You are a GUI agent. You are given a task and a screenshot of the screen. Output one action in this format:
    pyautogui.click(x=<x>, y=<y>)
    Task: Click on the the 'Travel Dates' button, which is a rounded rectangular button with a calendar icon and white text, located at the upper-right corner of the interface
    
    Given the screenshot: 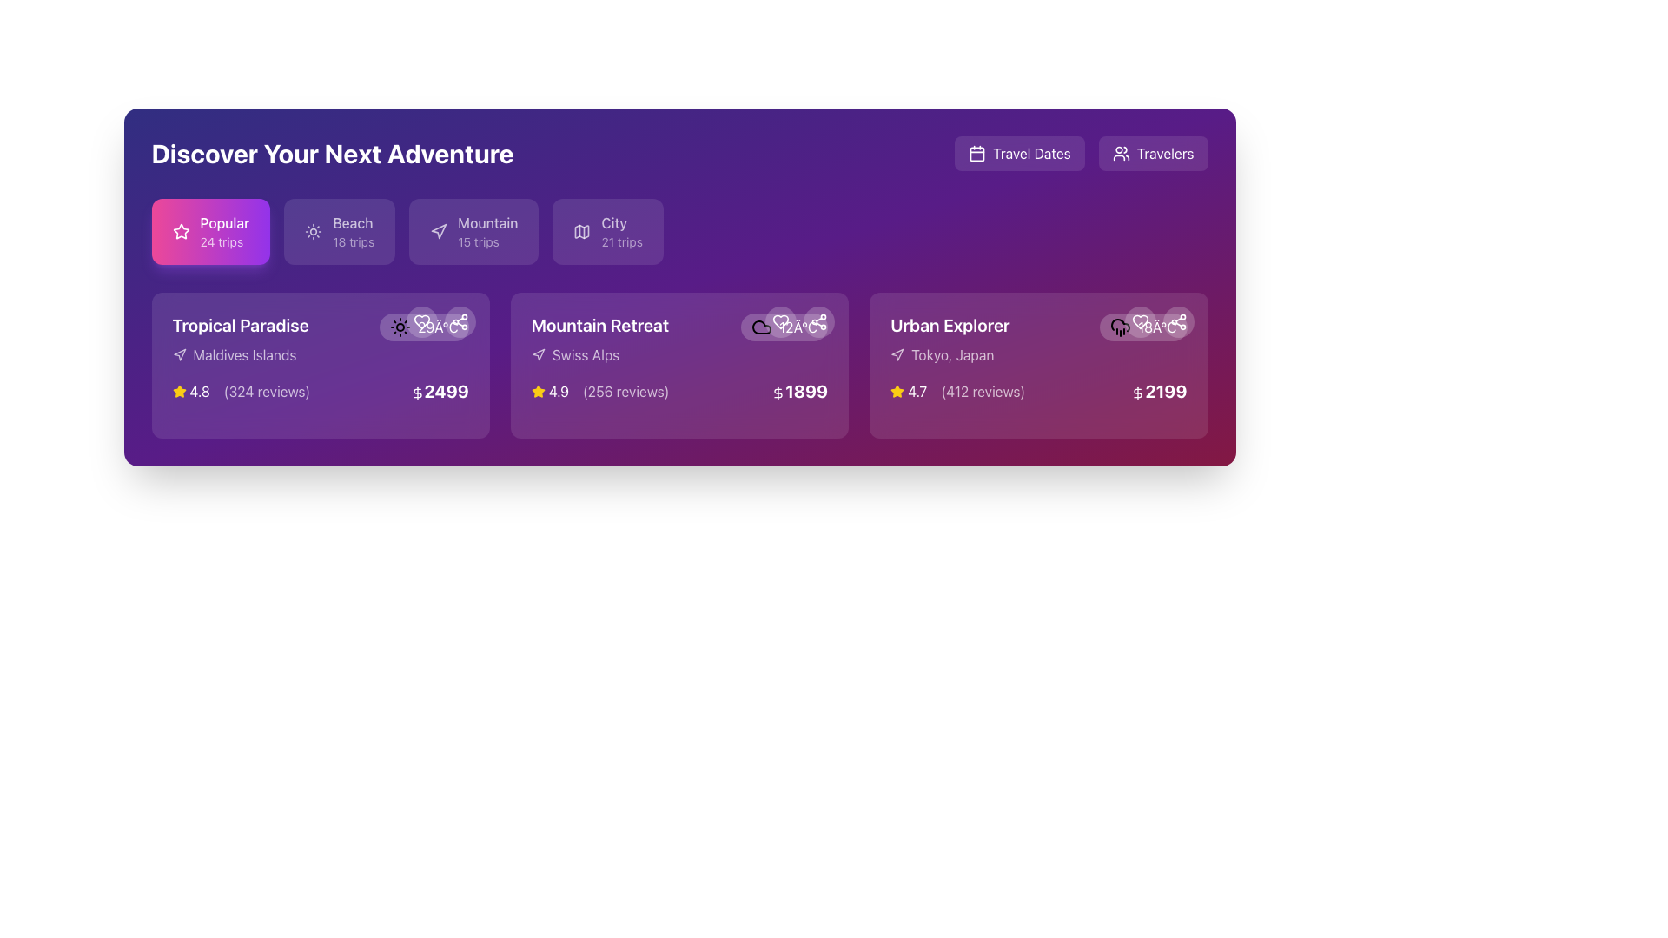 What is the action you would take?
    pyautogui.click(x=1019, y=153)
    